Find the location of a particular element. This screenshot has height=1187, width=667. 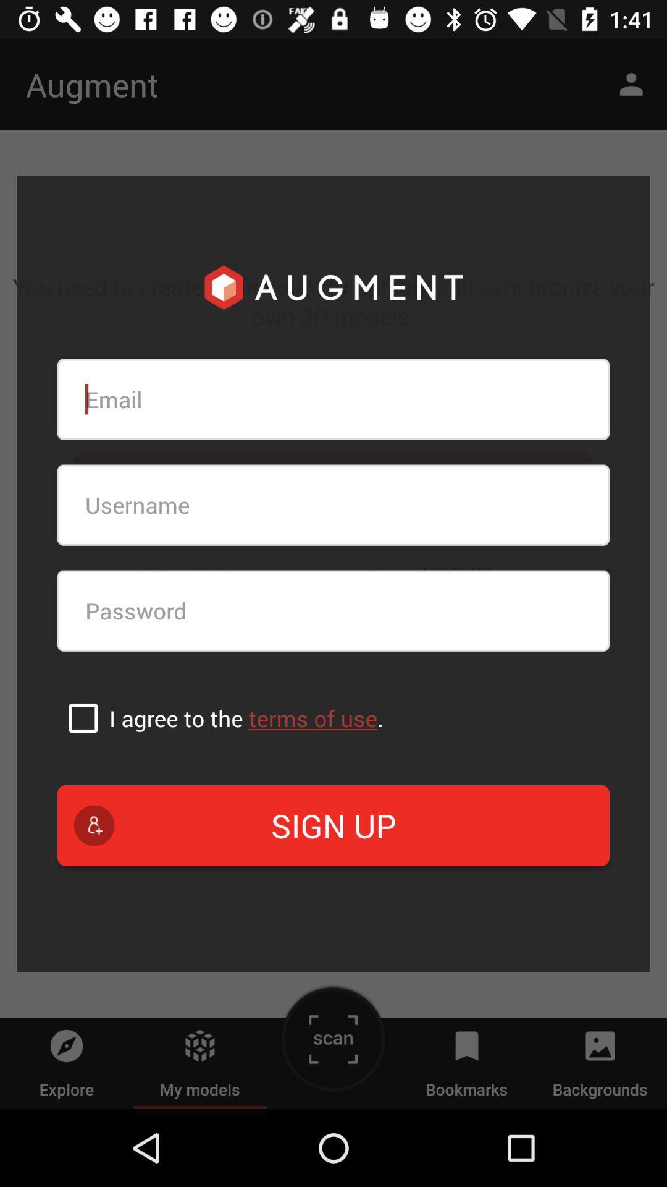

icon above sign up item is located at coordinates (83, 718).